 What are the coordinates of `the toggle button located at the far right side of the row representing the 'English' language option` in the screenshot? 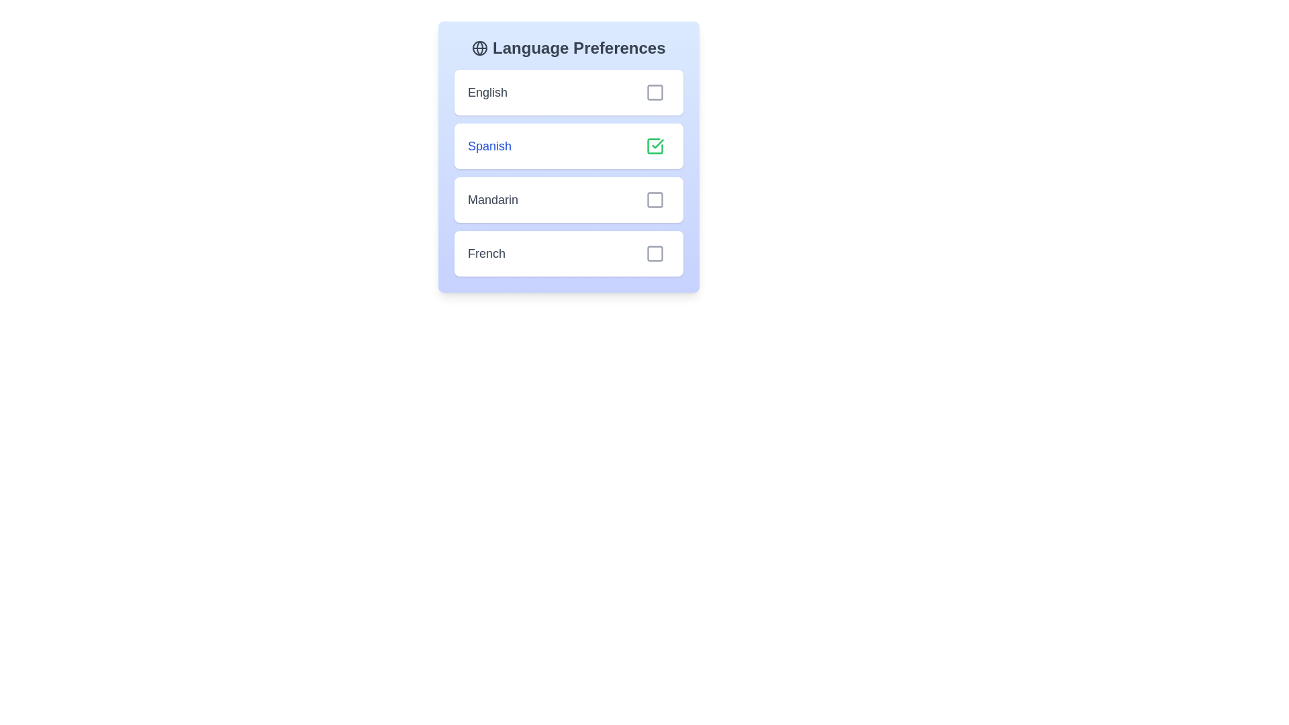 It's located at (655, 92).